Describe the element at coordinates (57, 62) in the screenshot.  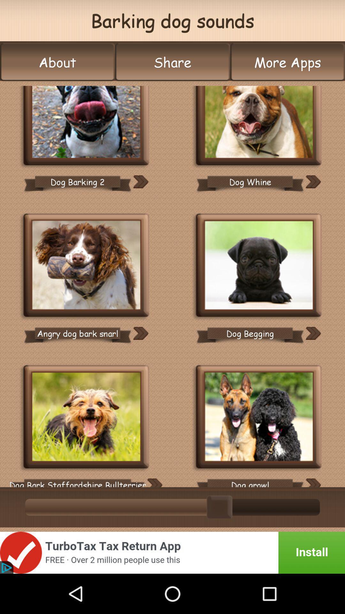
I see `app below the barking dog sounds app` at that location.